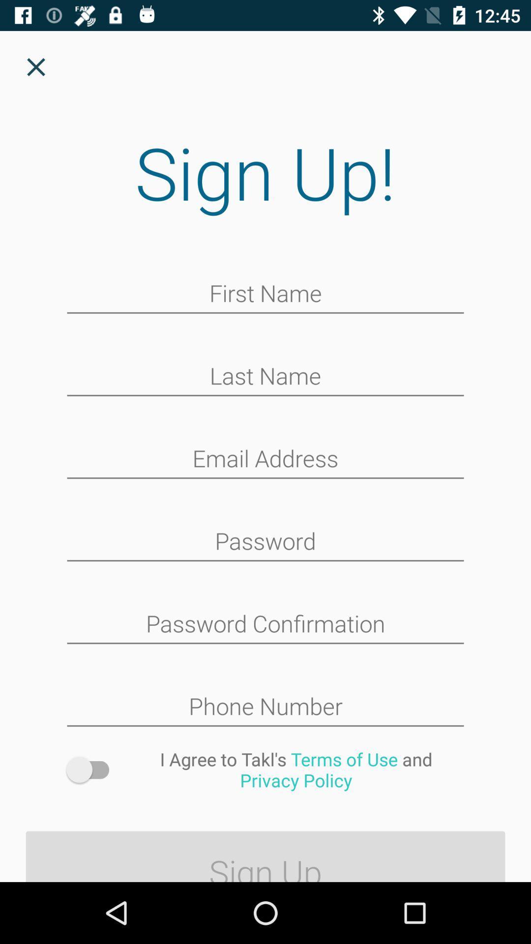 The width and height of the screenshot is (531, 944). I want to click on text box to enter user 's first name, so click(265, 294).